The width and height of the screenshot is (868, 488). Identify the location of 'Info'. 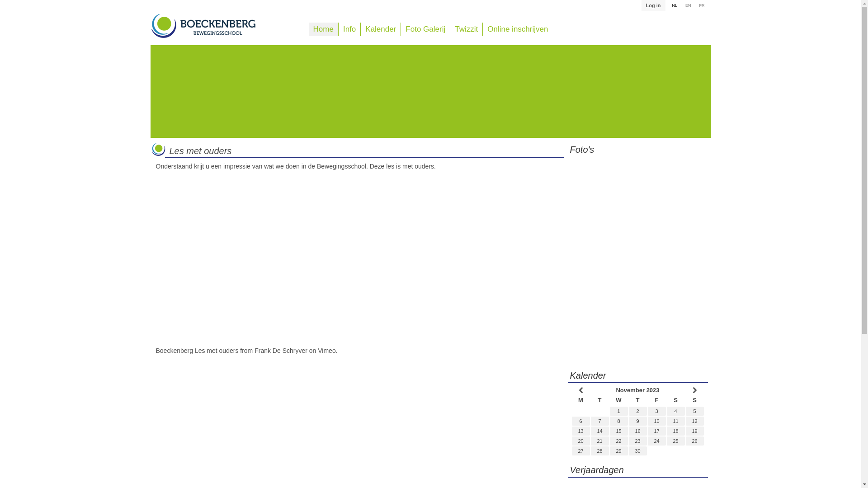
(349, 29).